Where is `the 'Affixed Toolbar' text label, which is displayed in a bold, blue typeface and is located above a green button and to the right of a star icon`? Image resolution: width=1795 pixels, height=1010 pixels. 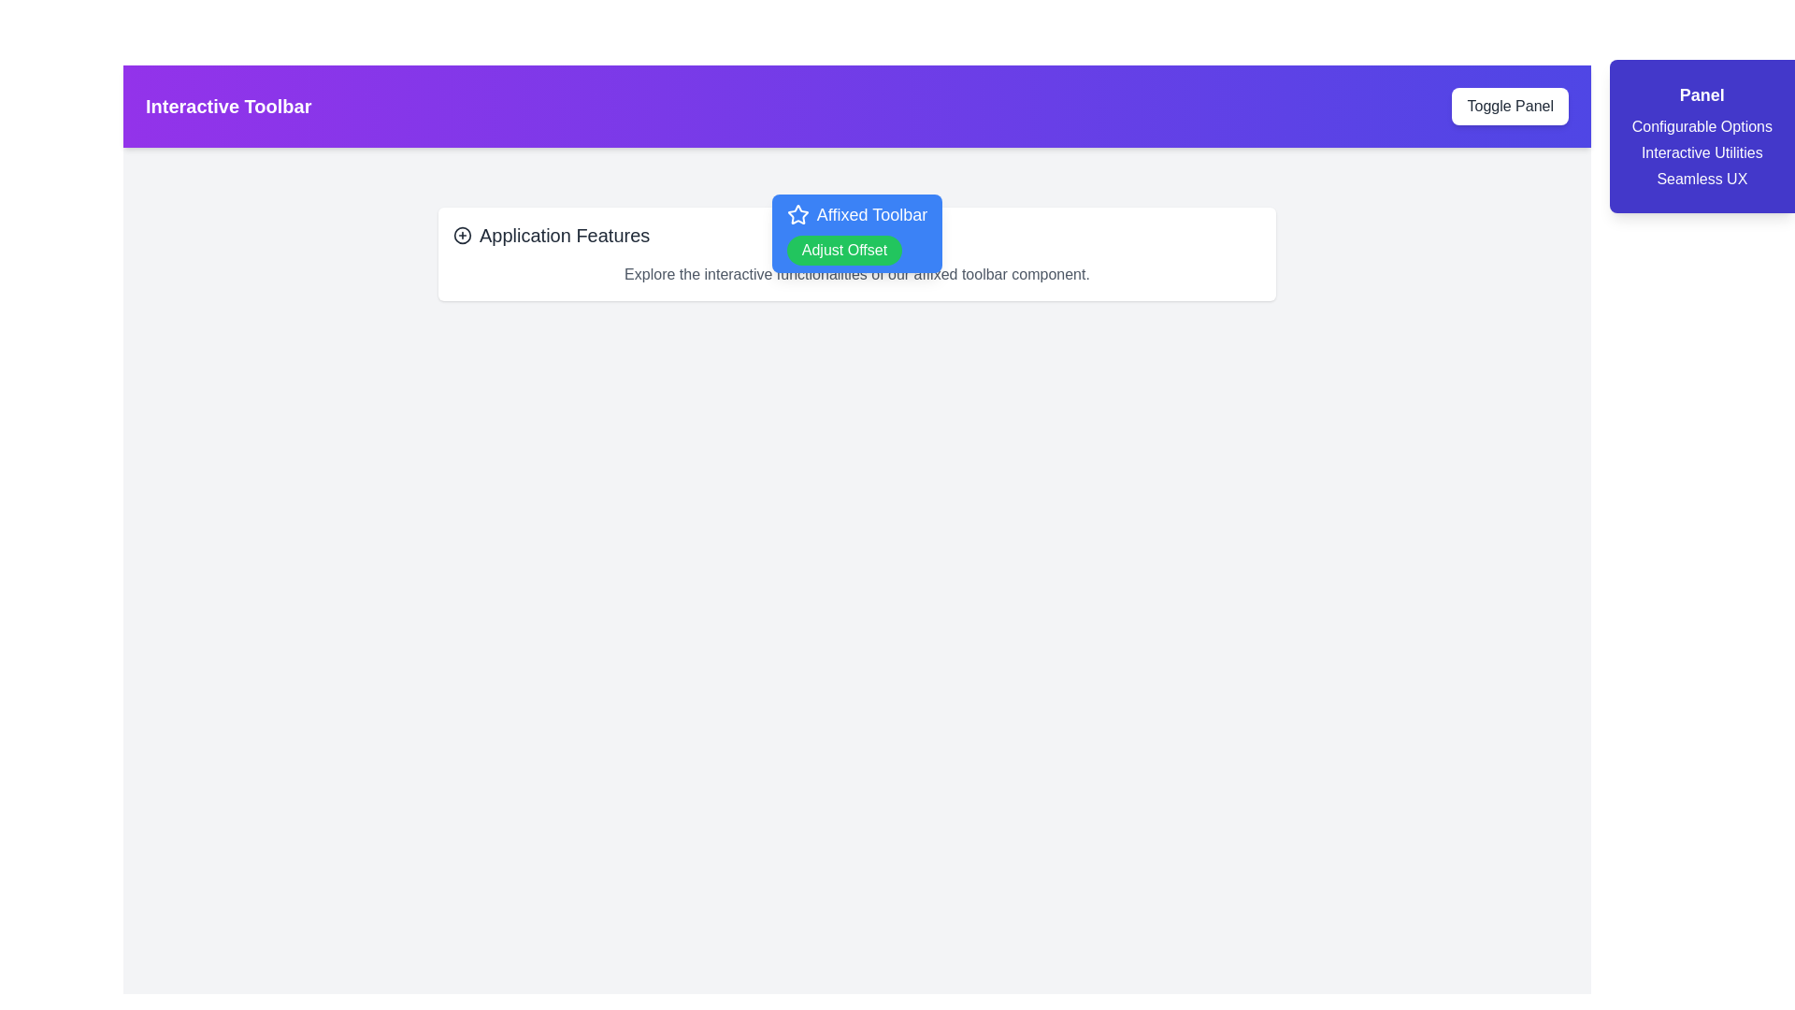
the 'Affixed Toolbar' text label, which is displayed in a bold, blue typeface and is located above a green button and to the right of a star icon is located at coordinates (870, 214).